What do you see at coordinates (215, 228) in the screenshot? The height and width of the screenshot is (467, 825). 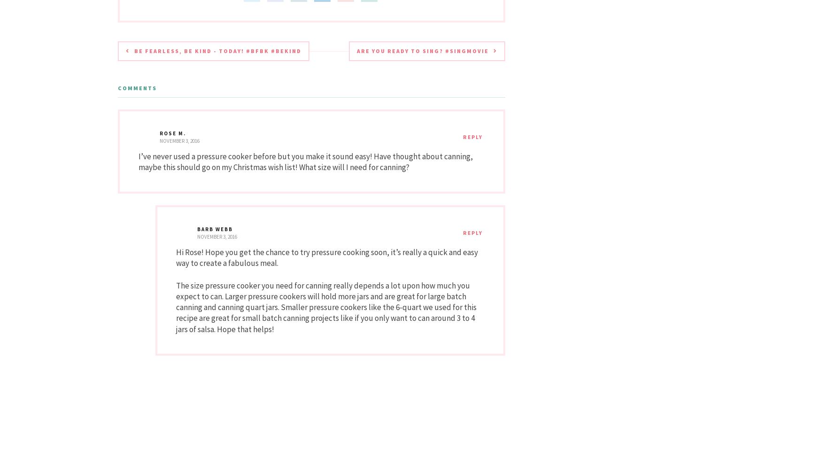 I see `'Barb Webb'` at bounding box center [215, 228].